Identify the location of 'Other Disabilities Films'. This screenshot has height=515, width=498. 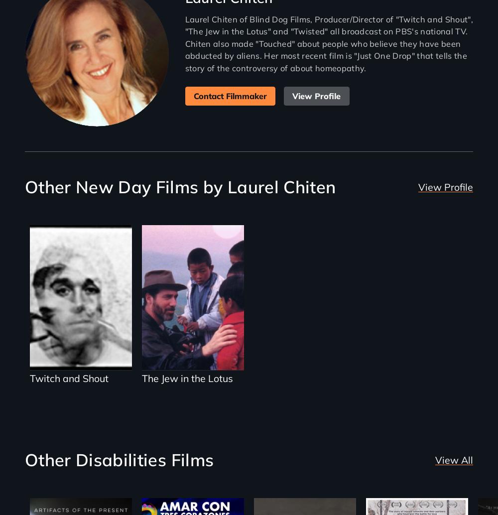
(119, 459).